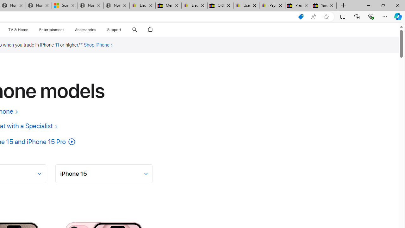  Describe the element at coordinates (114, 29) in the screenshot. I see `'Support'` at that location.